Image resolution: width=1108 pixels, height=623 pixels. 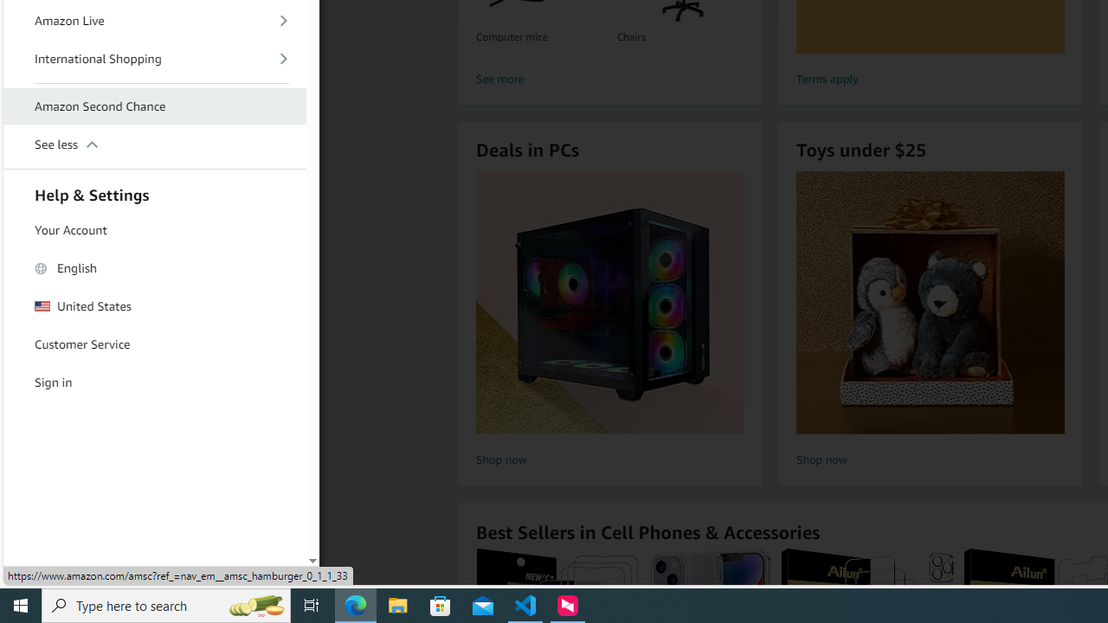 What do you see at coordinates (155, 268) in the screenshot?
I see `'English'` at bounding box center [155, 268].